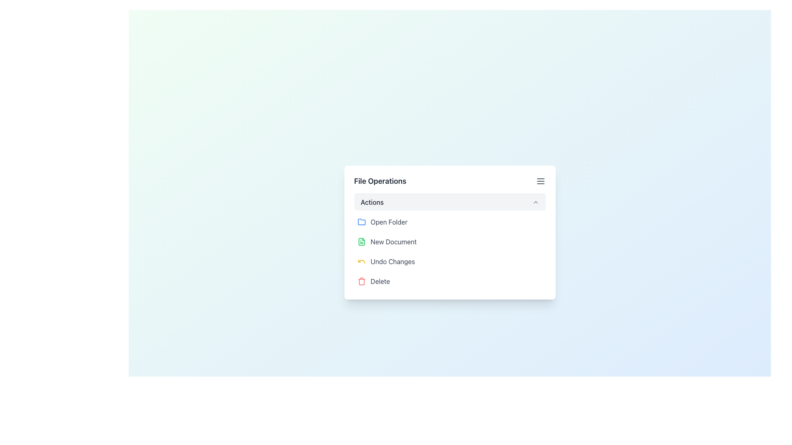 The image size is (792, 445). Describe the element at coordinates (389, 221) in the screenshot. I see `the text label that describes the action associated with opening a folder, which is positioned to the right of the blue folder icon in the 'Open Folder' menu item` at that location.